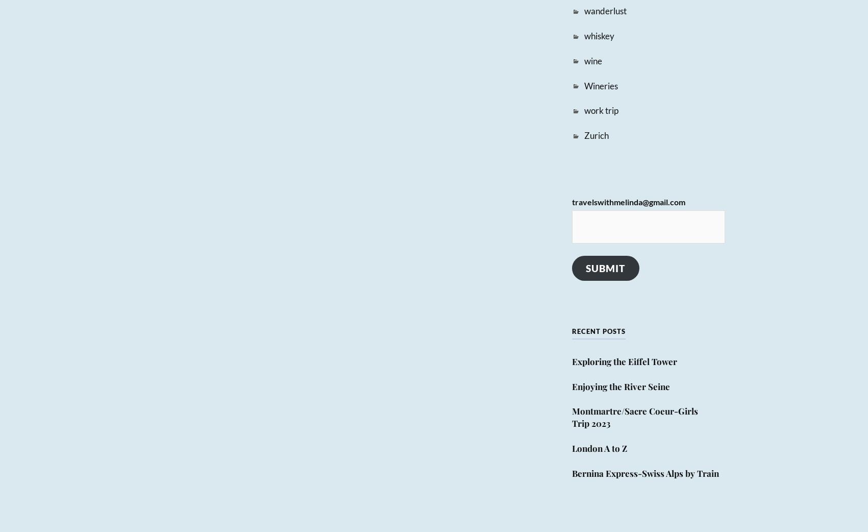 The height and width of the screenshot is (532, 868). What do you see at coordinates (628, 201) in the screenshot?
I see `'travelswithmelinda@gmail.com'` at bounding box center [628, 201].